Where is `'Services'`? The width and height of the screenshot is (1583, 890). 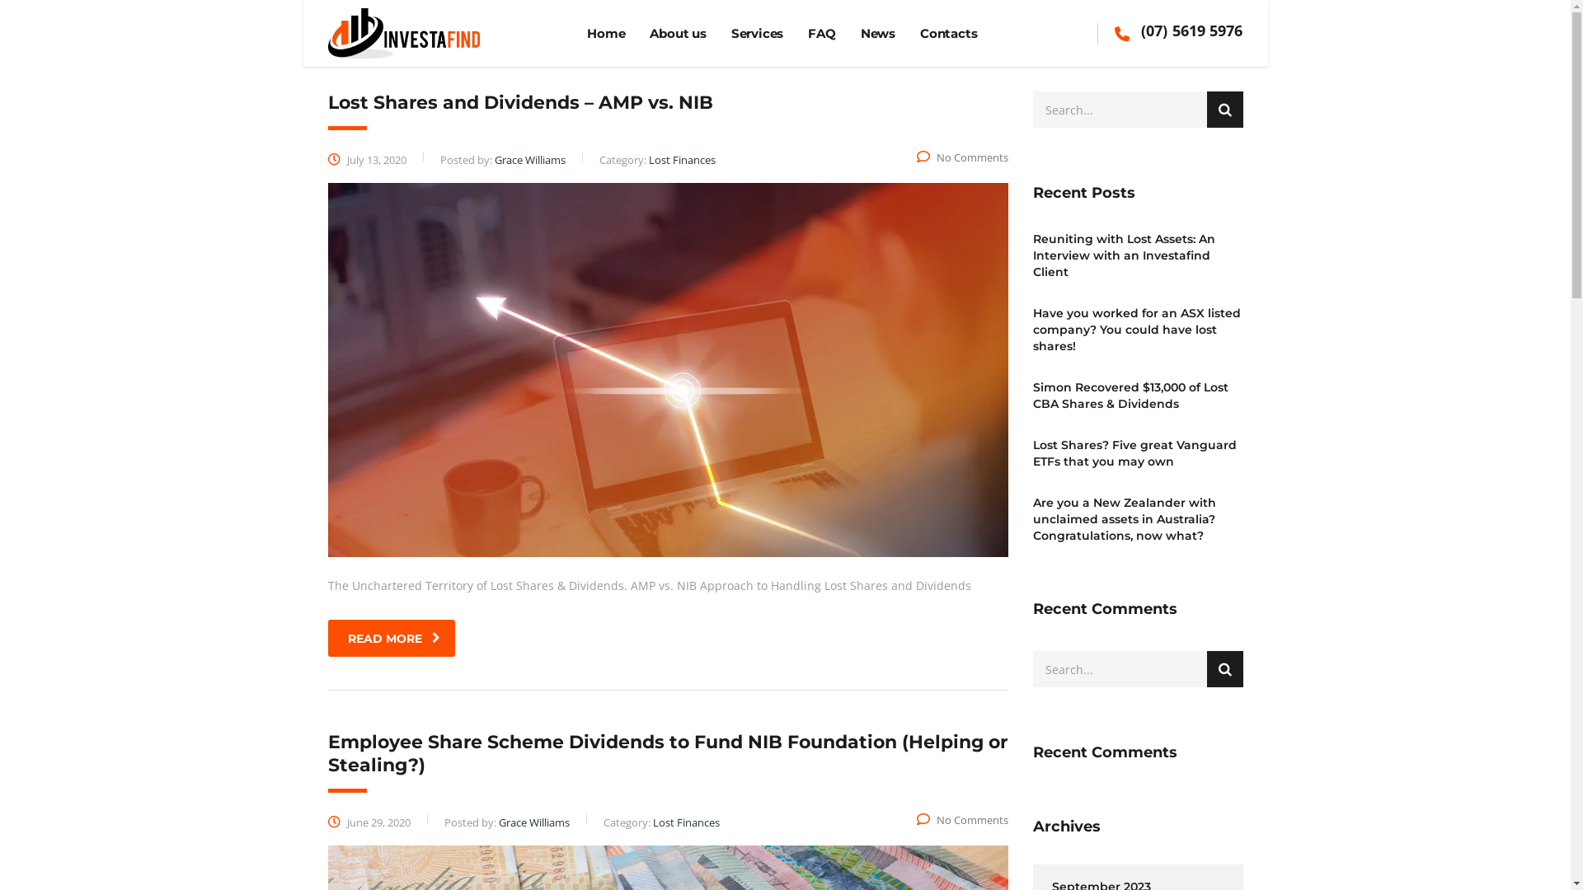 'Services' is located at coordinates (756, 34).